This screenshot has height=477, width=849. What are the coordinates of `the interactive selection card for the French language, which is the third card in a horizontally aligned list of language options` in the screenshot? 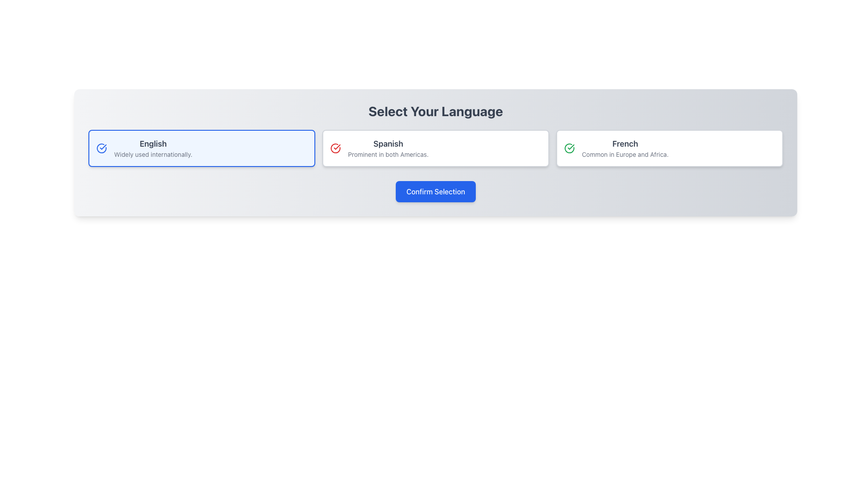 It's located at (669, 148).